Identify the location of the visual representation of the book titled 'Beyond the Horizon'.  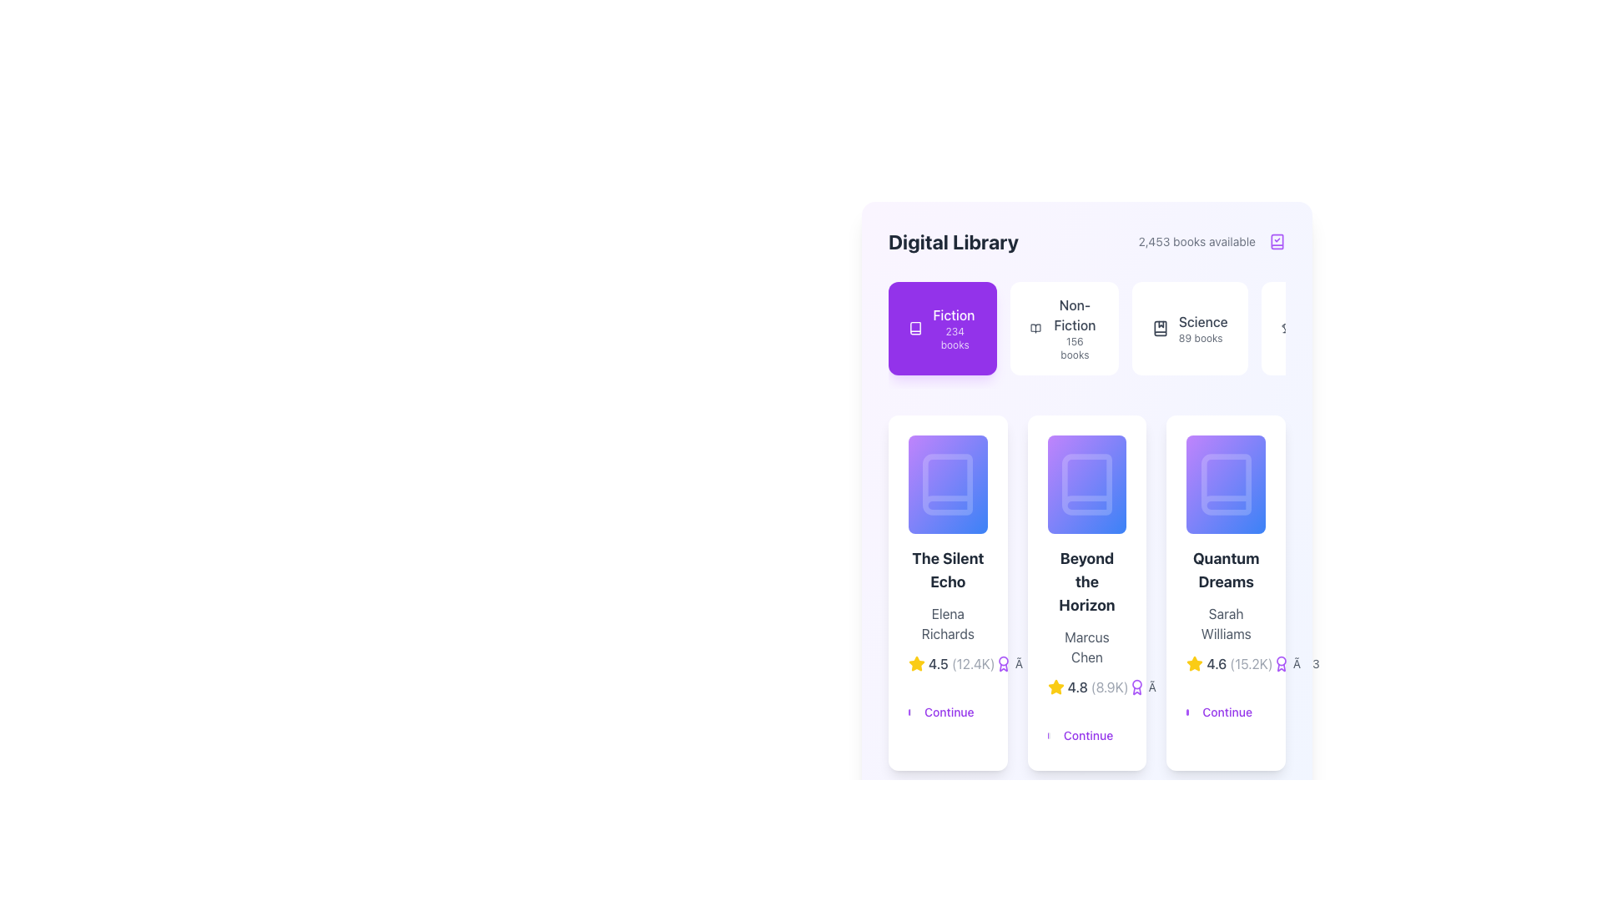
(1086, 485).